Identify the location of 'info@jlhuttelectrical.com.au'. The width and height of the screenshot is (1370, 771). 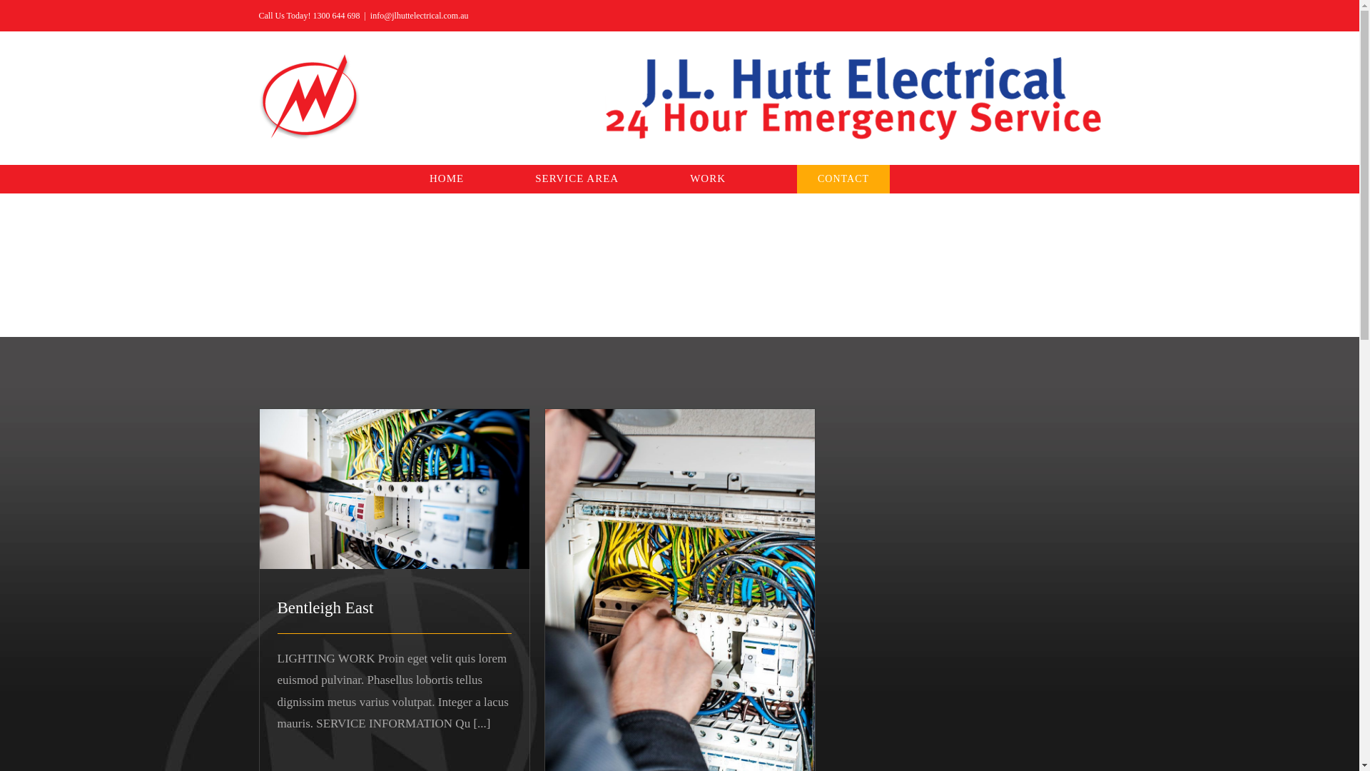
(419, 16).